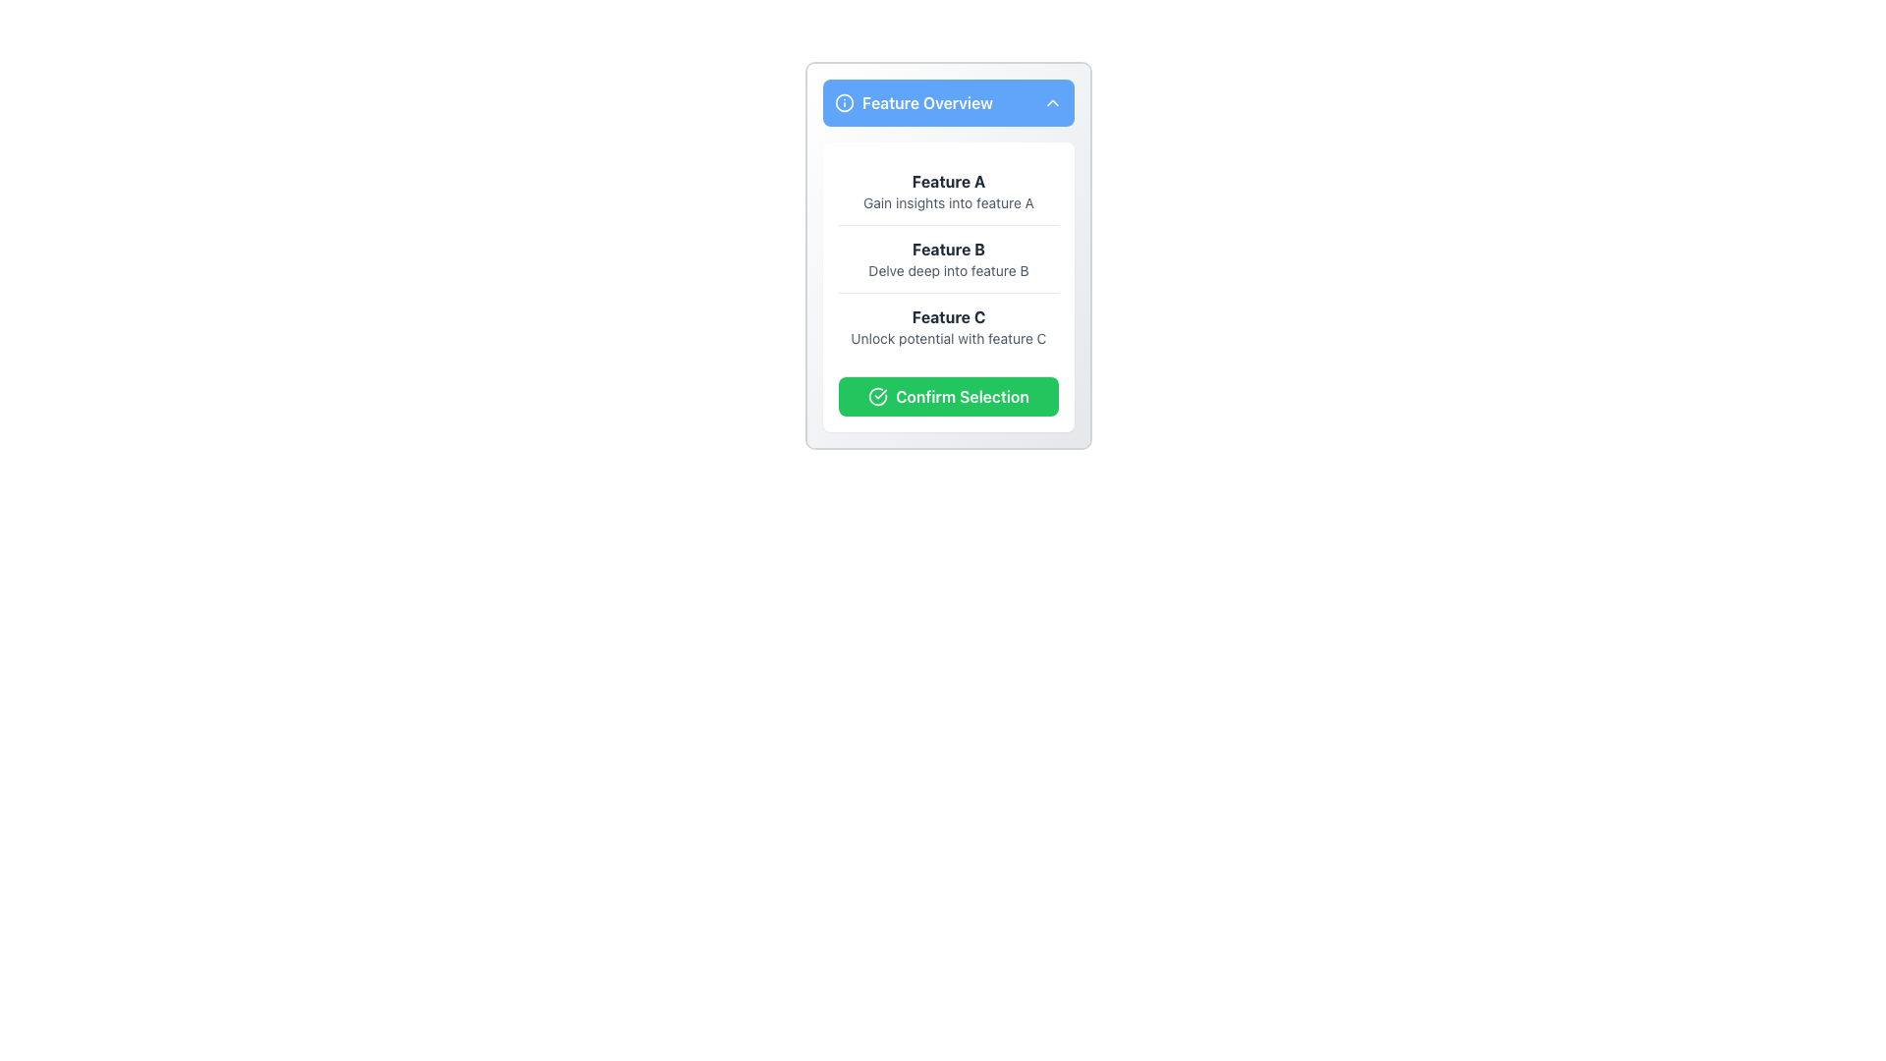 The image size is (1886, 1061). What do you see at coordinates (948, 257) in the screenshot?
I see `text from the second entry in the box element that provides information about Feature B, located between 'Feature A' and 'Feature C'` at bounding box center [948, 257].